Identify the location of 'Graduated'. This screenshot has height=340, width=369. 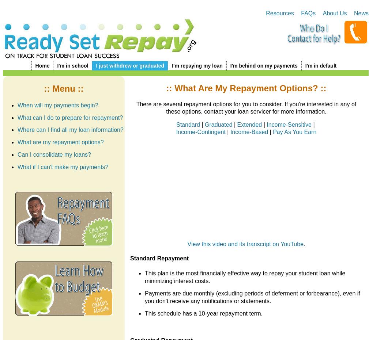
(218, 124).